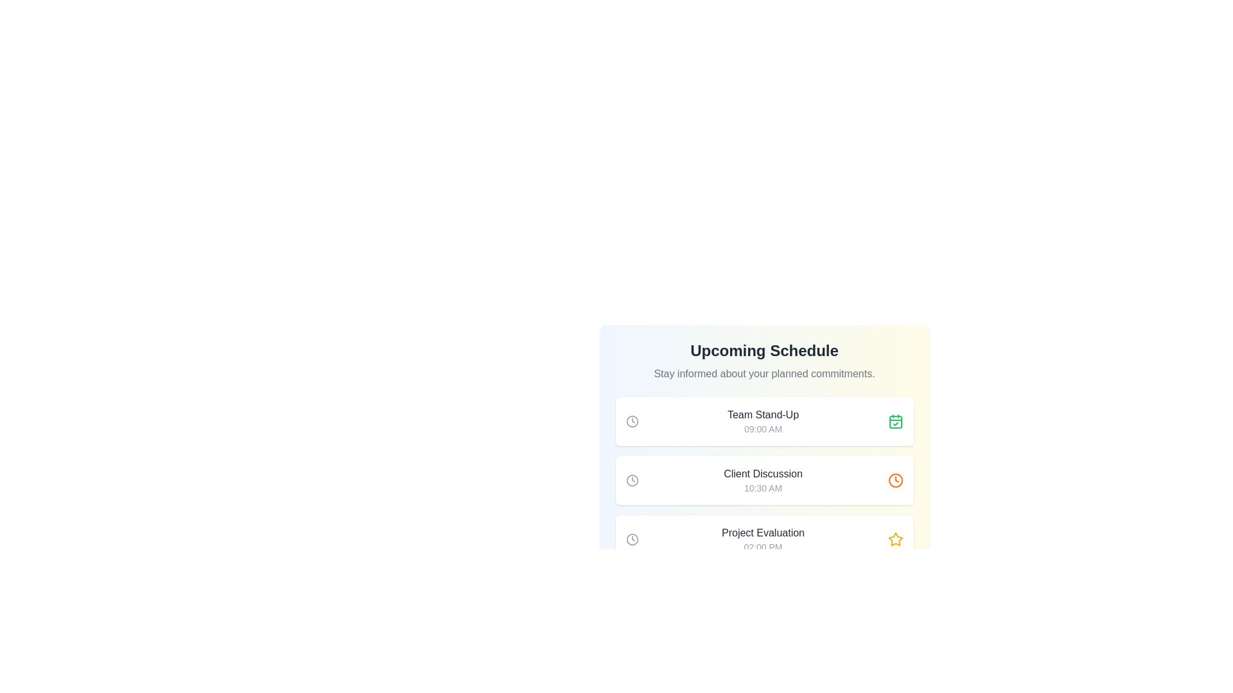 The height and width of the screenshot is (693, 1233). What do you see at coordinates (895, 421) in the screenshot?
I see `the confirmation icon located at the rightmost side of the 'Team Stand-Up' meeting card` at bounding box center [895, 421].